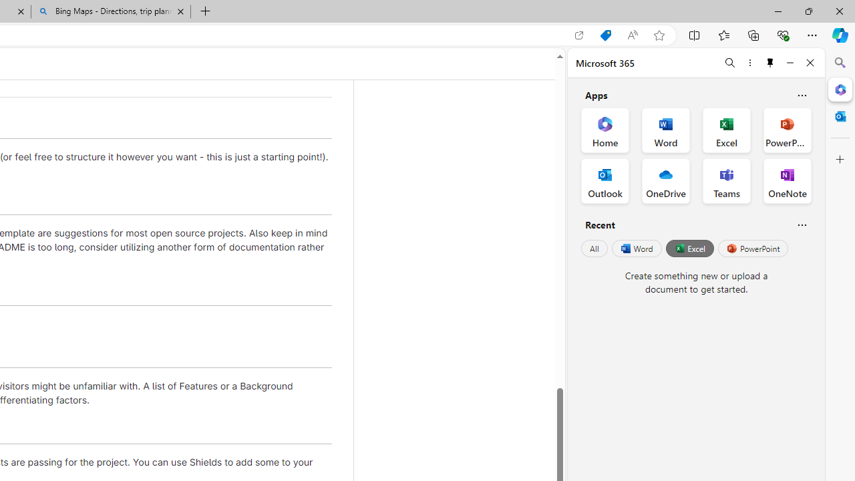 Image resolution: width=855 pixels, height=481 pixels. Describe the element at coordinates (753, 249) in the screenshot. I see `'PowerPoint'` at that location.